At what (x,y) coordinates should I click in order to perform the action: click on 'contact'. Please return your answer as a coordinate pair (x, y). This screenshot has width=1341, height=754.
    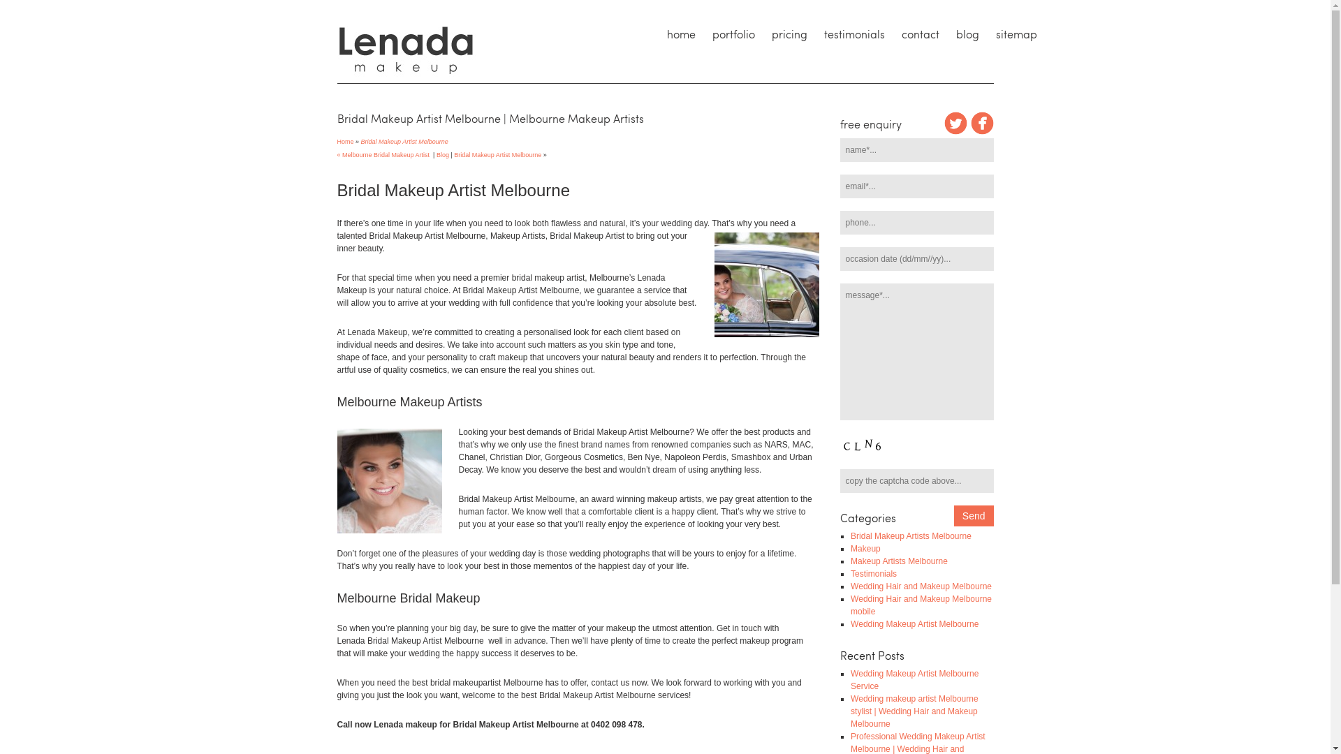
    Looking at the image, I should click on (891, 34).